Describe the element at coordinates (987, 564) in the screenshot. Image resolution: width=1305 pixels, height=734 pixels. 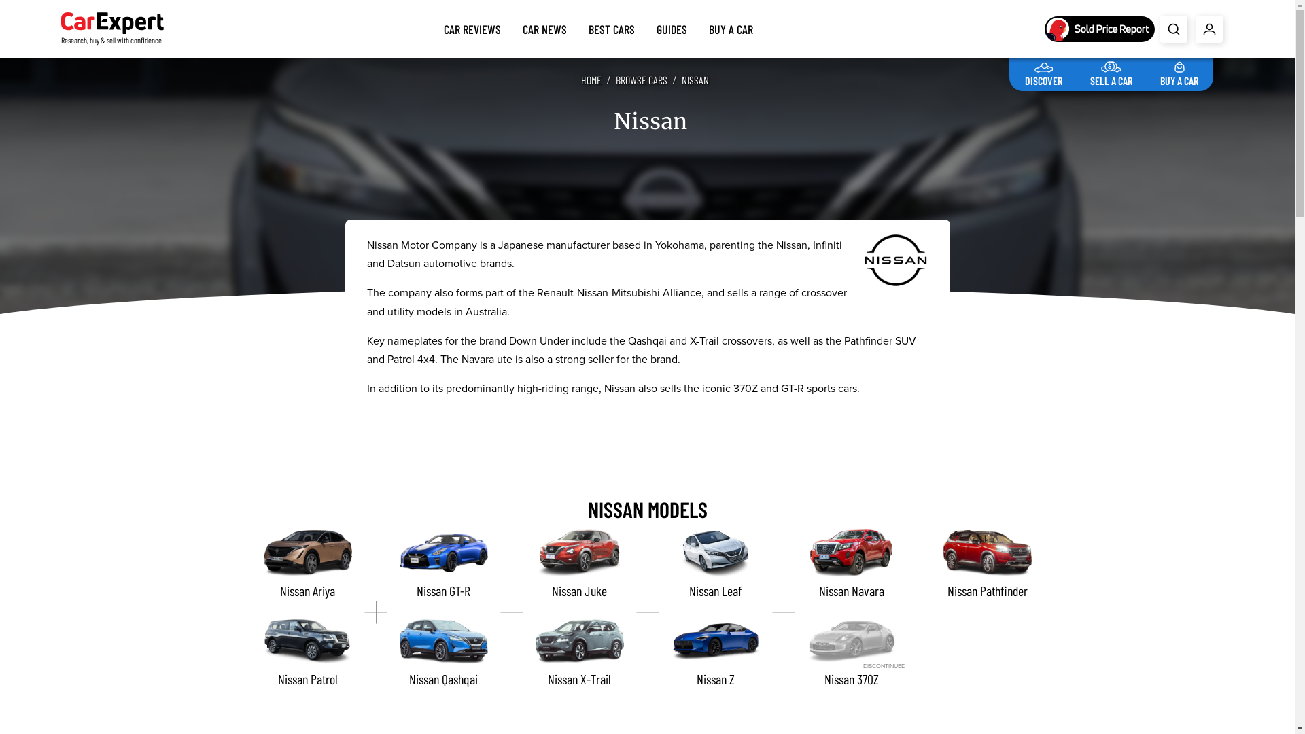
I see `'Nissan Pathfinder'` at that location.